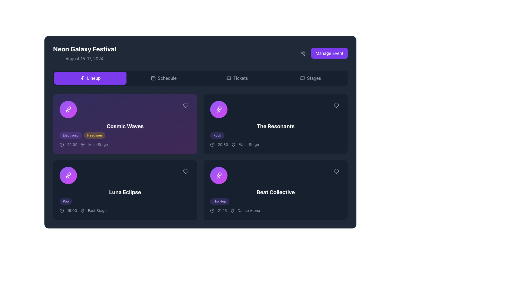 The width and height of the screenshot is (520, 292). Describe the element at coordinates (323, 53) in the screenshot. I see `the button located in the top-right corner of the interface, adjacent to the sharing icon, to manage the event for 'Neon Galaxy Festival.'` at that location.